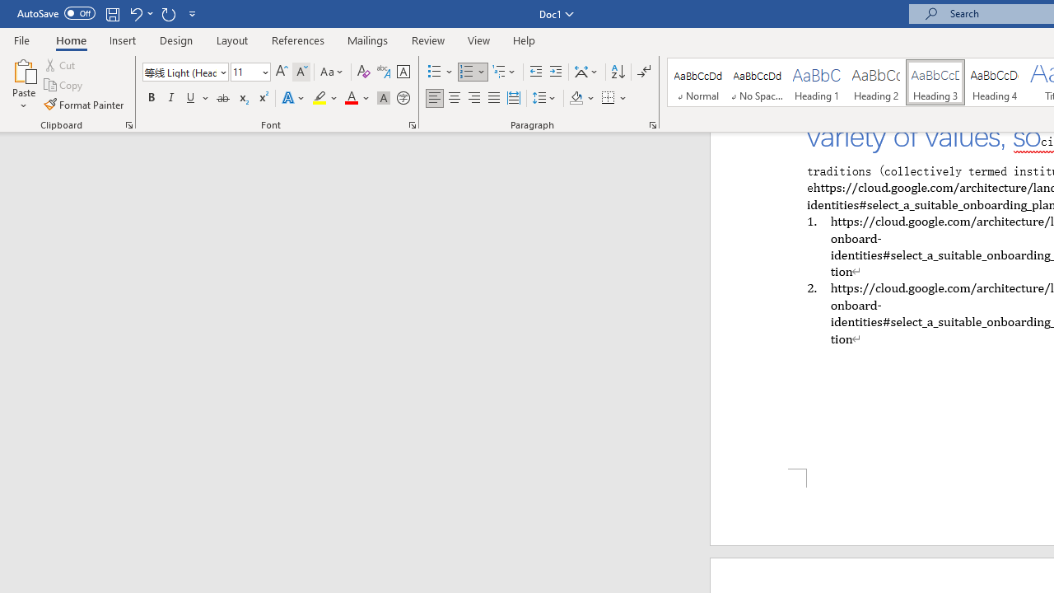  I want to click on 'Text Highlight Color Yellow', so click(319, 98).